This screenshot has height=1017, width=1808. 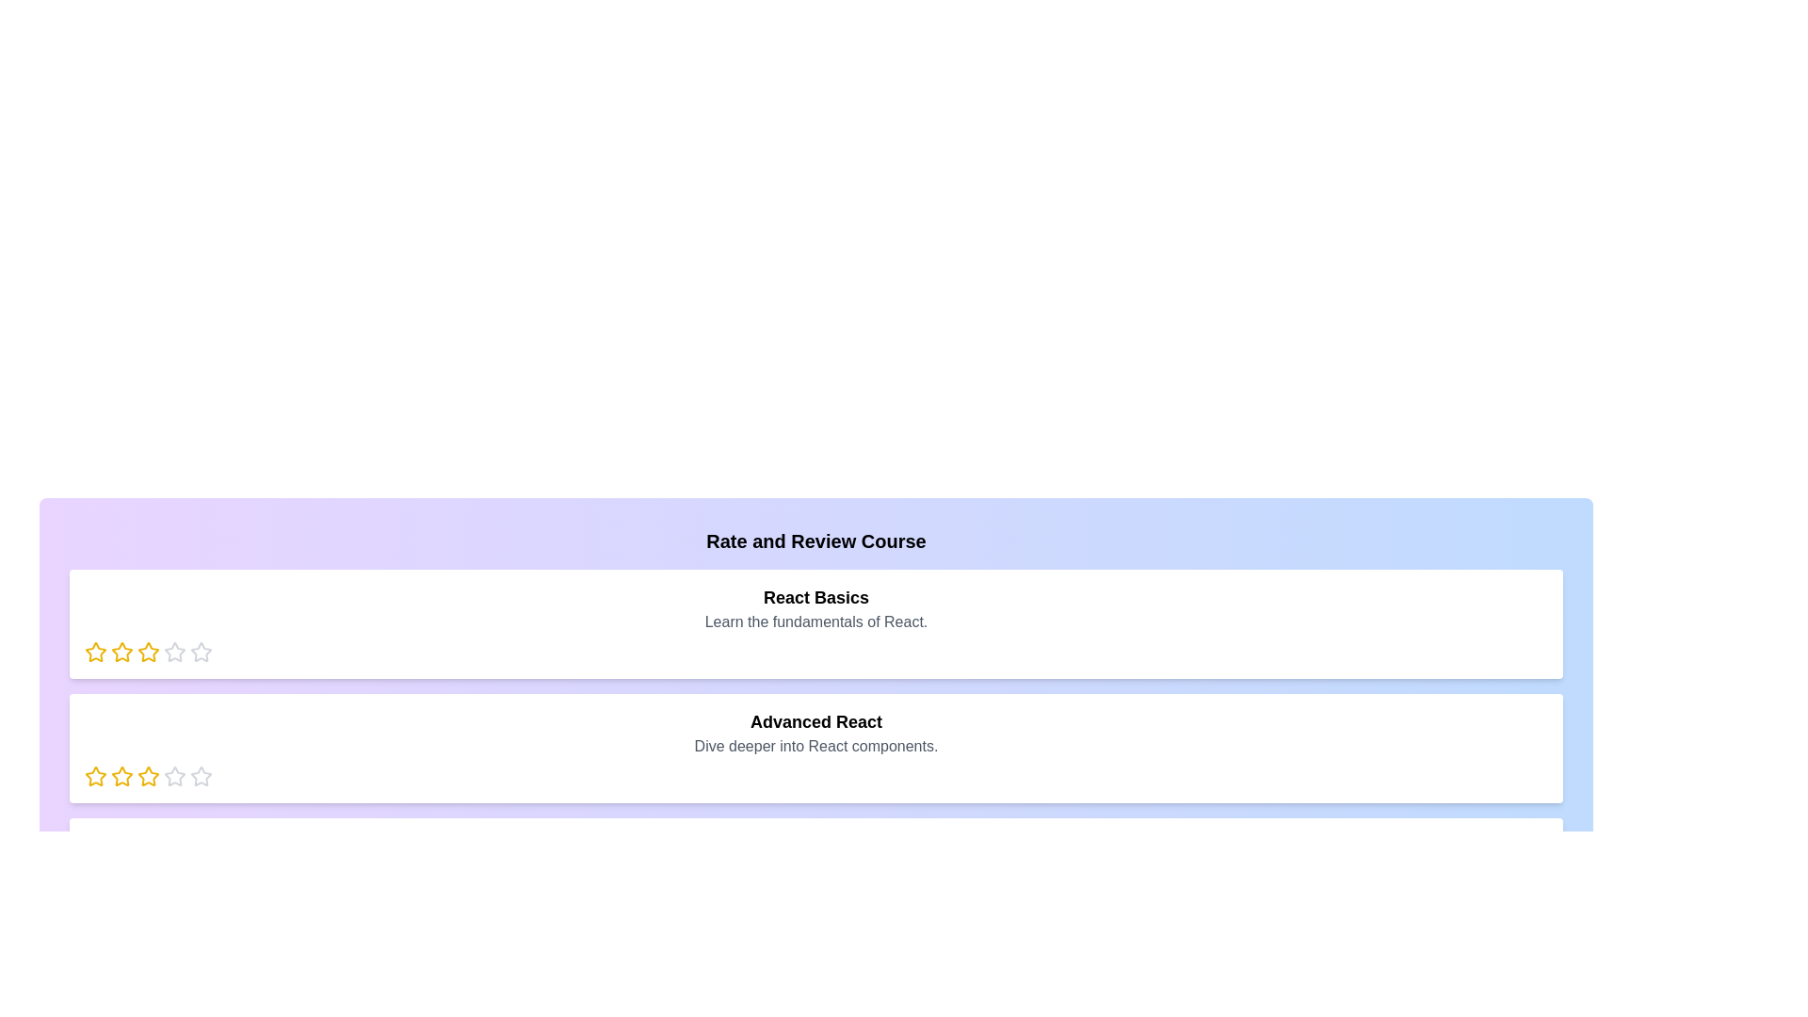 I want to click on the second yellow star icon with a hollow center in the star rating system to set or change the rating for the 'Advanced React' course, so click(x=148, y=776).